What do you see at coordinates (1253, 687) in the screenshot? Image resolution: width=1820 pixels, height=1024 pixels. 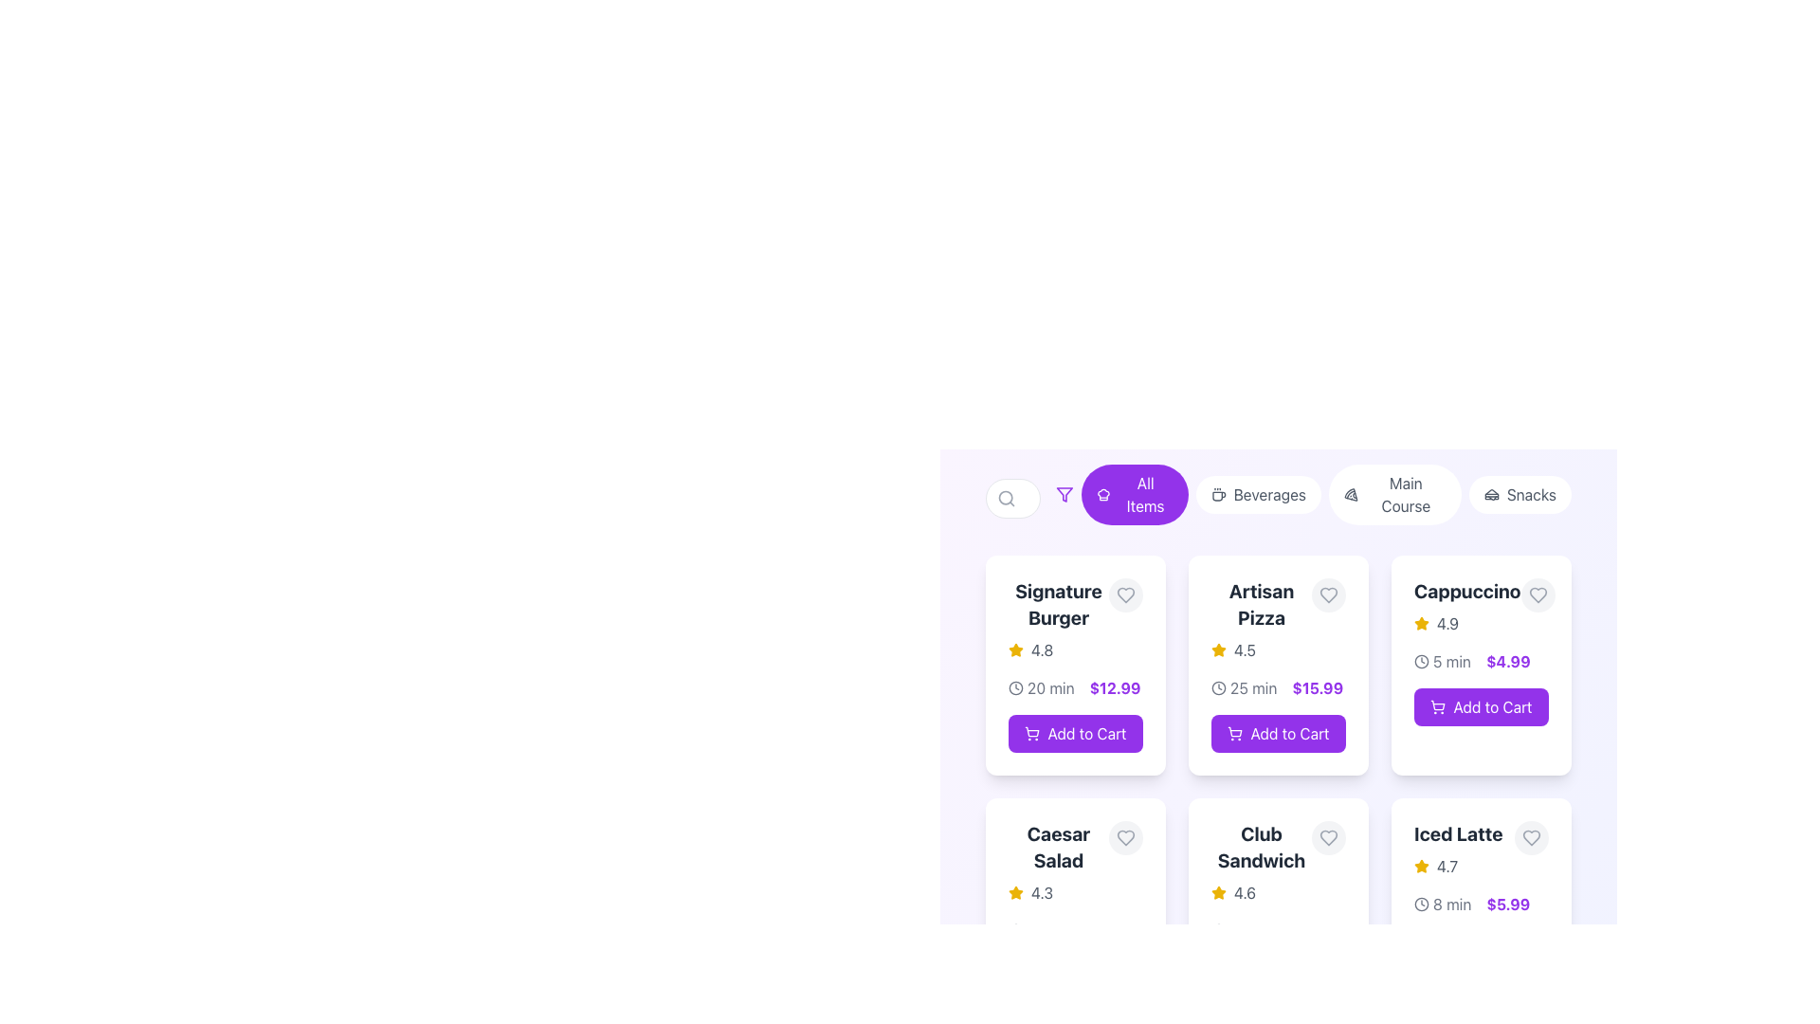 I see `time information displayed on the text label showing '25 min' in gray color, located in the second card from the left on the top row of the grid layout for the 'Artisan Pizza' card` at bounding box center [1253, 687].